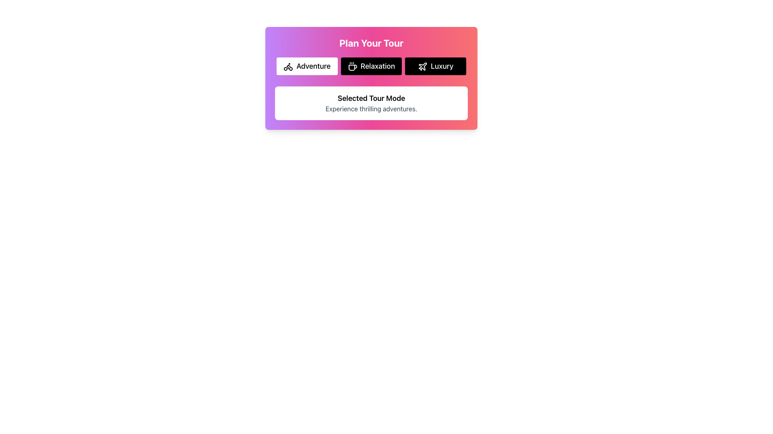 The width and height of the screenshot is (773, 434). I want to click on the 'Adventure' button located under the 'Plan Your Tour' header, so click(306, 66).